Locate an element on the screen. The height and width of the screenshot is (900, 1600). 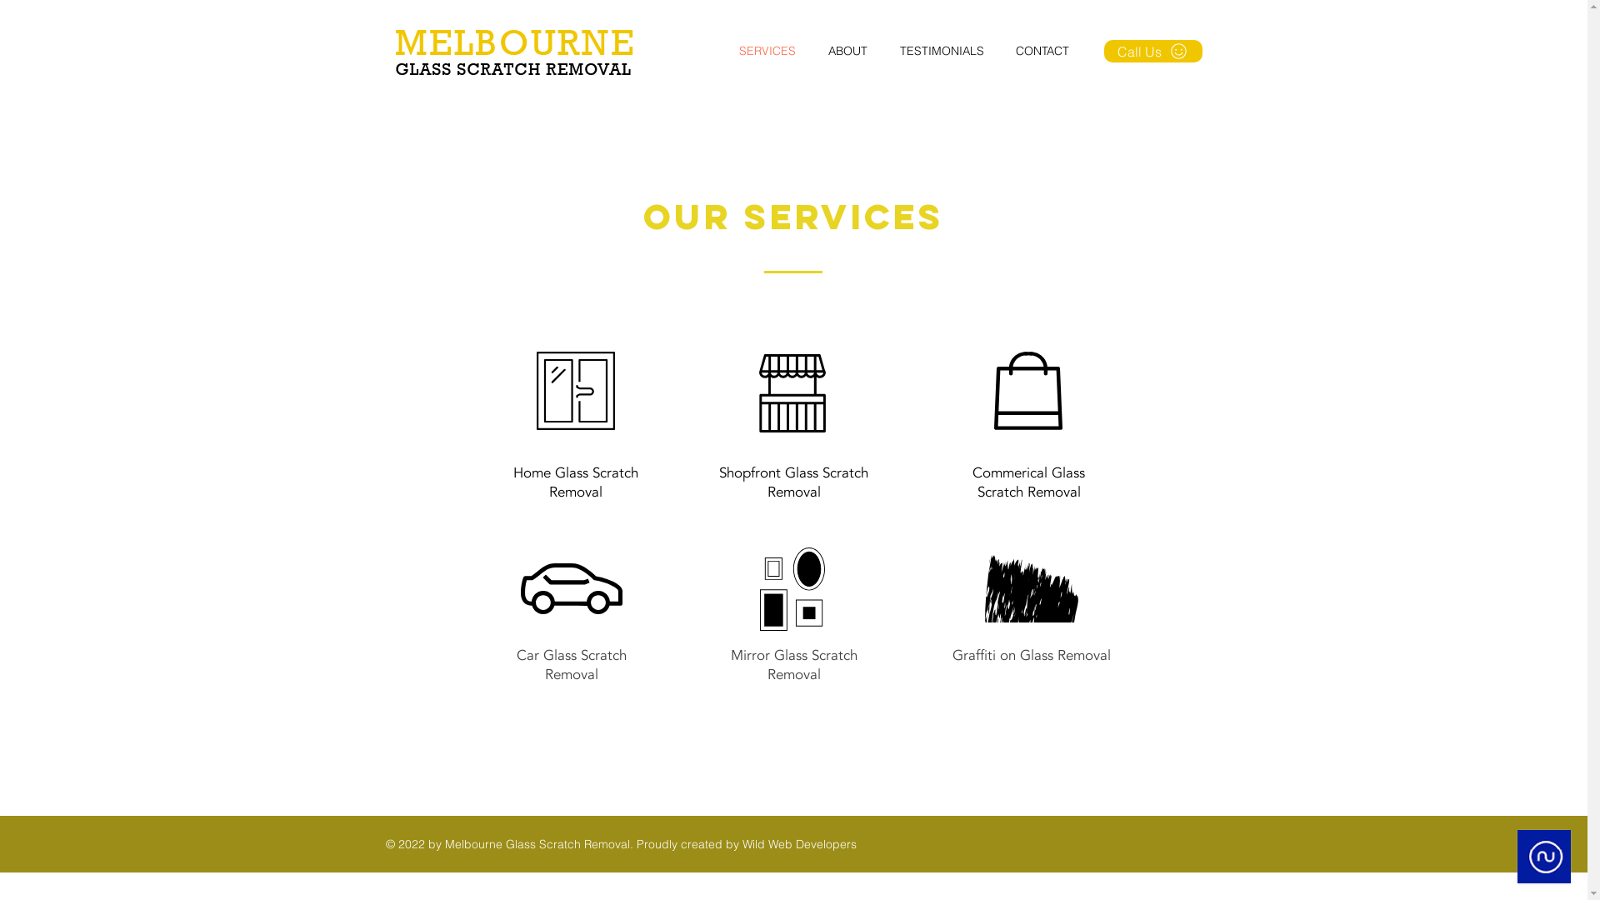
'CONTACT' is located at coordinates (1047, 50).